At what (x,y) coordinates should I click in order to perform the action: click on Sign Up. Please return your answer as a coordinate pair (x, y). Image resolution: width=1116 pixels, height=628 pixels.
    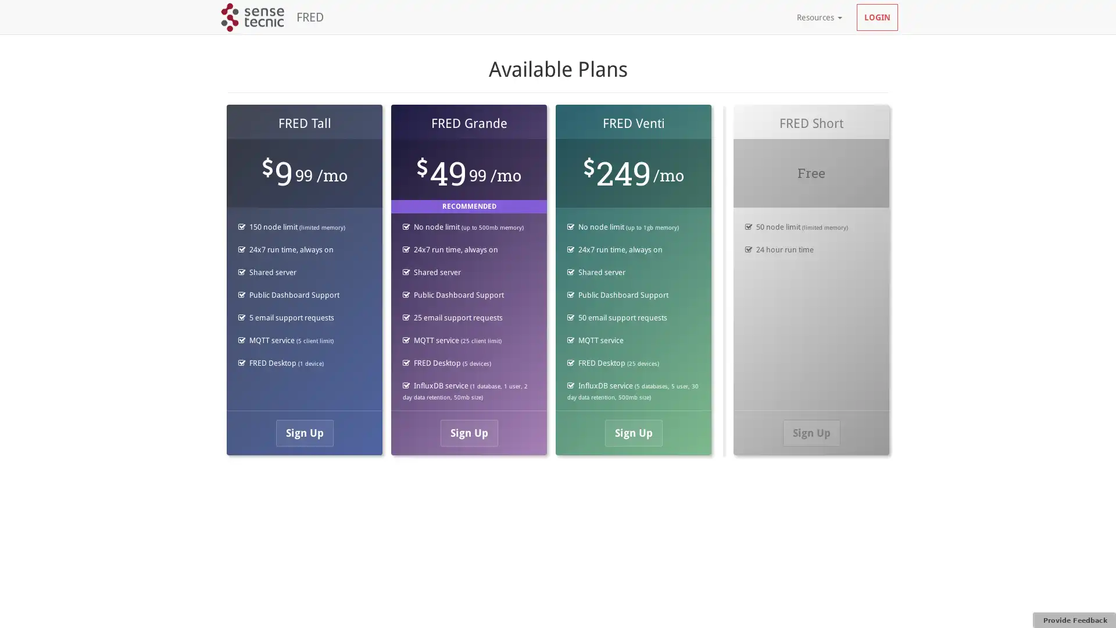
    Looking at the image, I should click on (810, 433).